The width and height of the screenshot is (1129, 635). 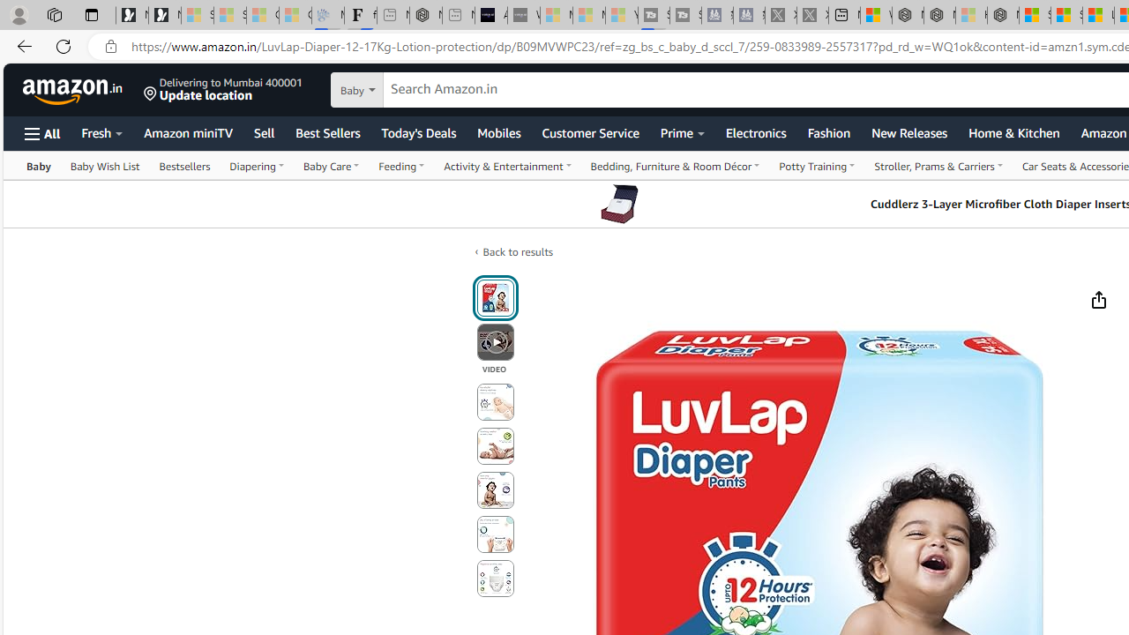 What do you see at coordinates (1003, 15) in the screenshot?
I see `'Nordace - Nordace Siena Is Not An Ordinary Backpack'` at bounding box center [1003, 15].